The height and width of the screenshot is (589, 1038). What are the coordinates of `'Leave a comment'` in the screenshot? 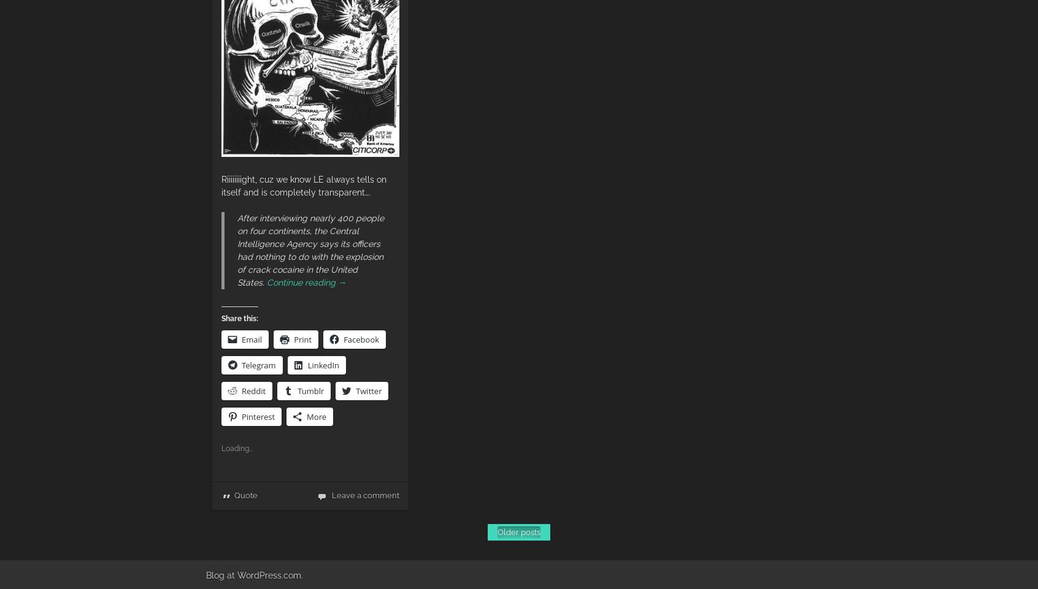 It's located at (364, 495).